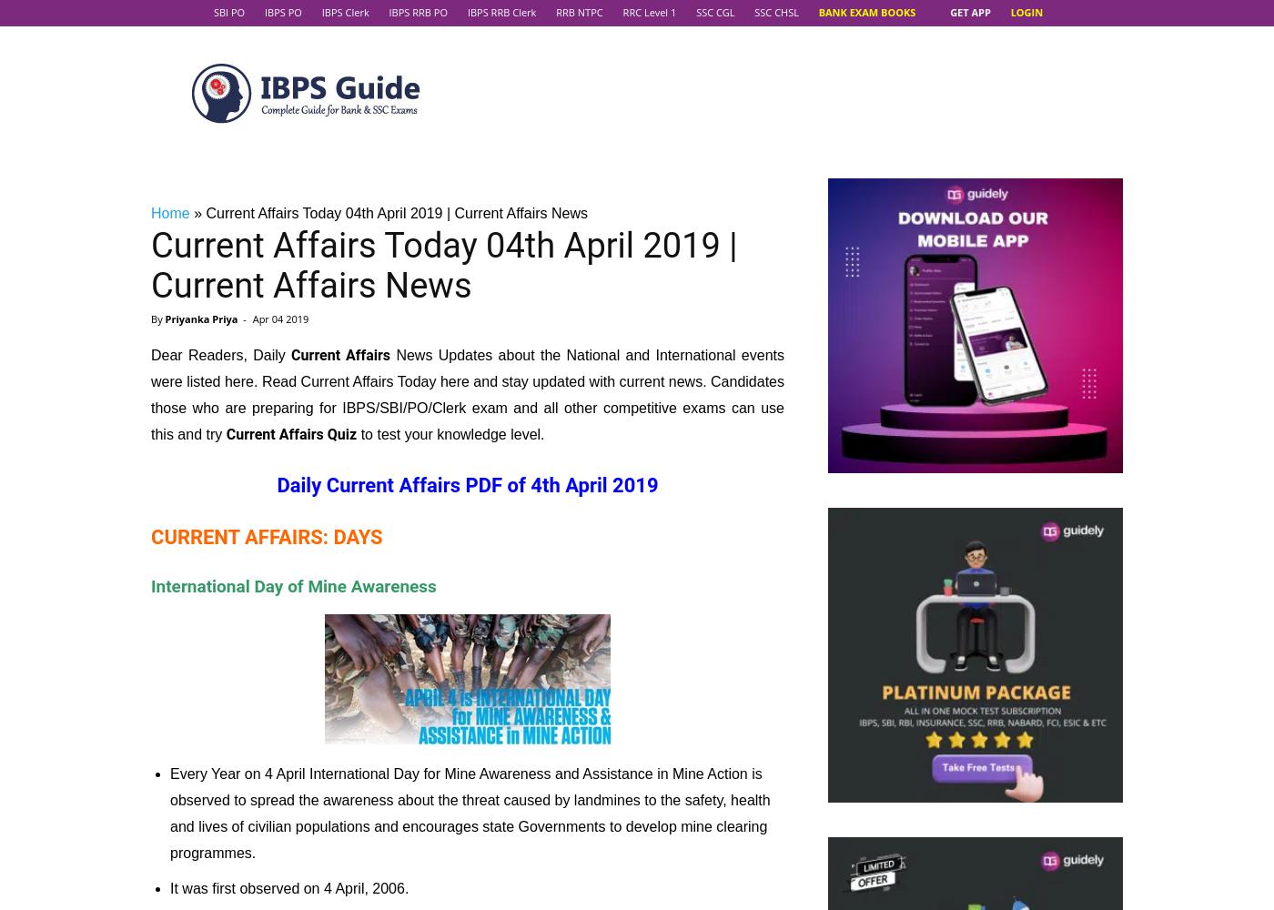  What do you see at coordinates (264, 136) in the screenshot?
I see `'CURRENT AFFAIRS: MOU'` at bounding box center [264, 136].